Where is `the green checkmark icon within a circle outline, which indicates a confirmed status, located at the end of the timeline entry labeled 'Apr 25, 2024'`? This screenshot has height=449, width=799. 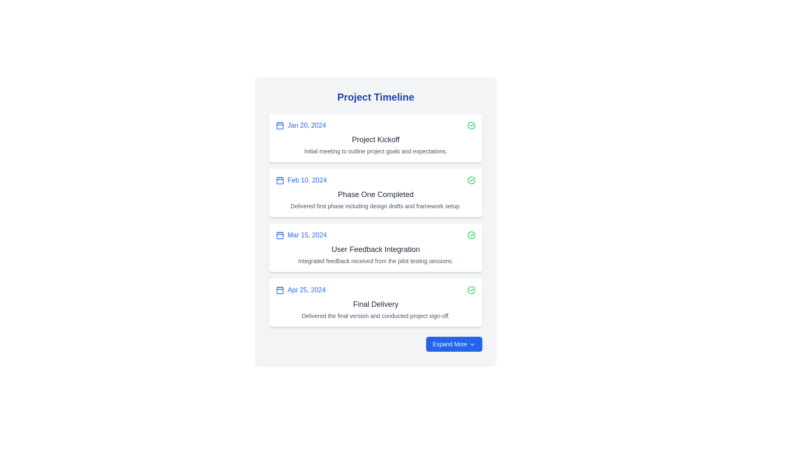
the green checkmark icon within a circle outline, which indicates a confirmed status, located at the end of the timeline entry labeled 'Apr 25, 2024' is located at coordinates (471, 290).